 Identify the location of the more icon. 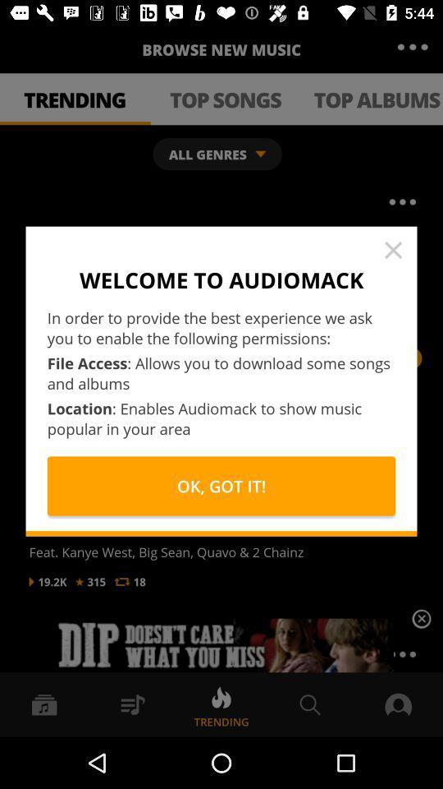
(412, 46).